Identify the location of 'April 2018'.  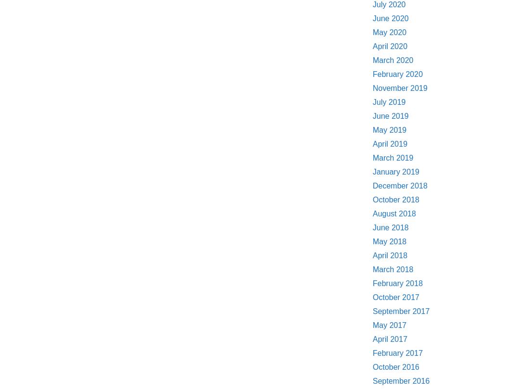
(390, 255).